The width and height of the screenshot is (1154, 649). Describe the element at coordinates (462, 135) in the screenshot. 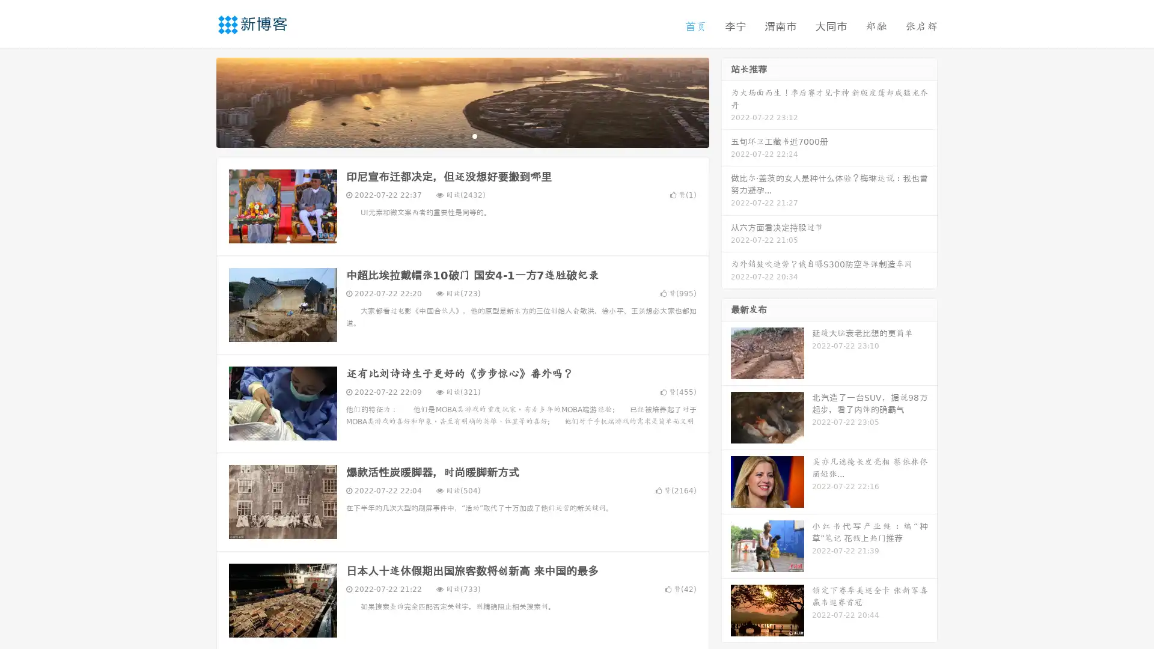

I see `Go to slide 2` at that location.